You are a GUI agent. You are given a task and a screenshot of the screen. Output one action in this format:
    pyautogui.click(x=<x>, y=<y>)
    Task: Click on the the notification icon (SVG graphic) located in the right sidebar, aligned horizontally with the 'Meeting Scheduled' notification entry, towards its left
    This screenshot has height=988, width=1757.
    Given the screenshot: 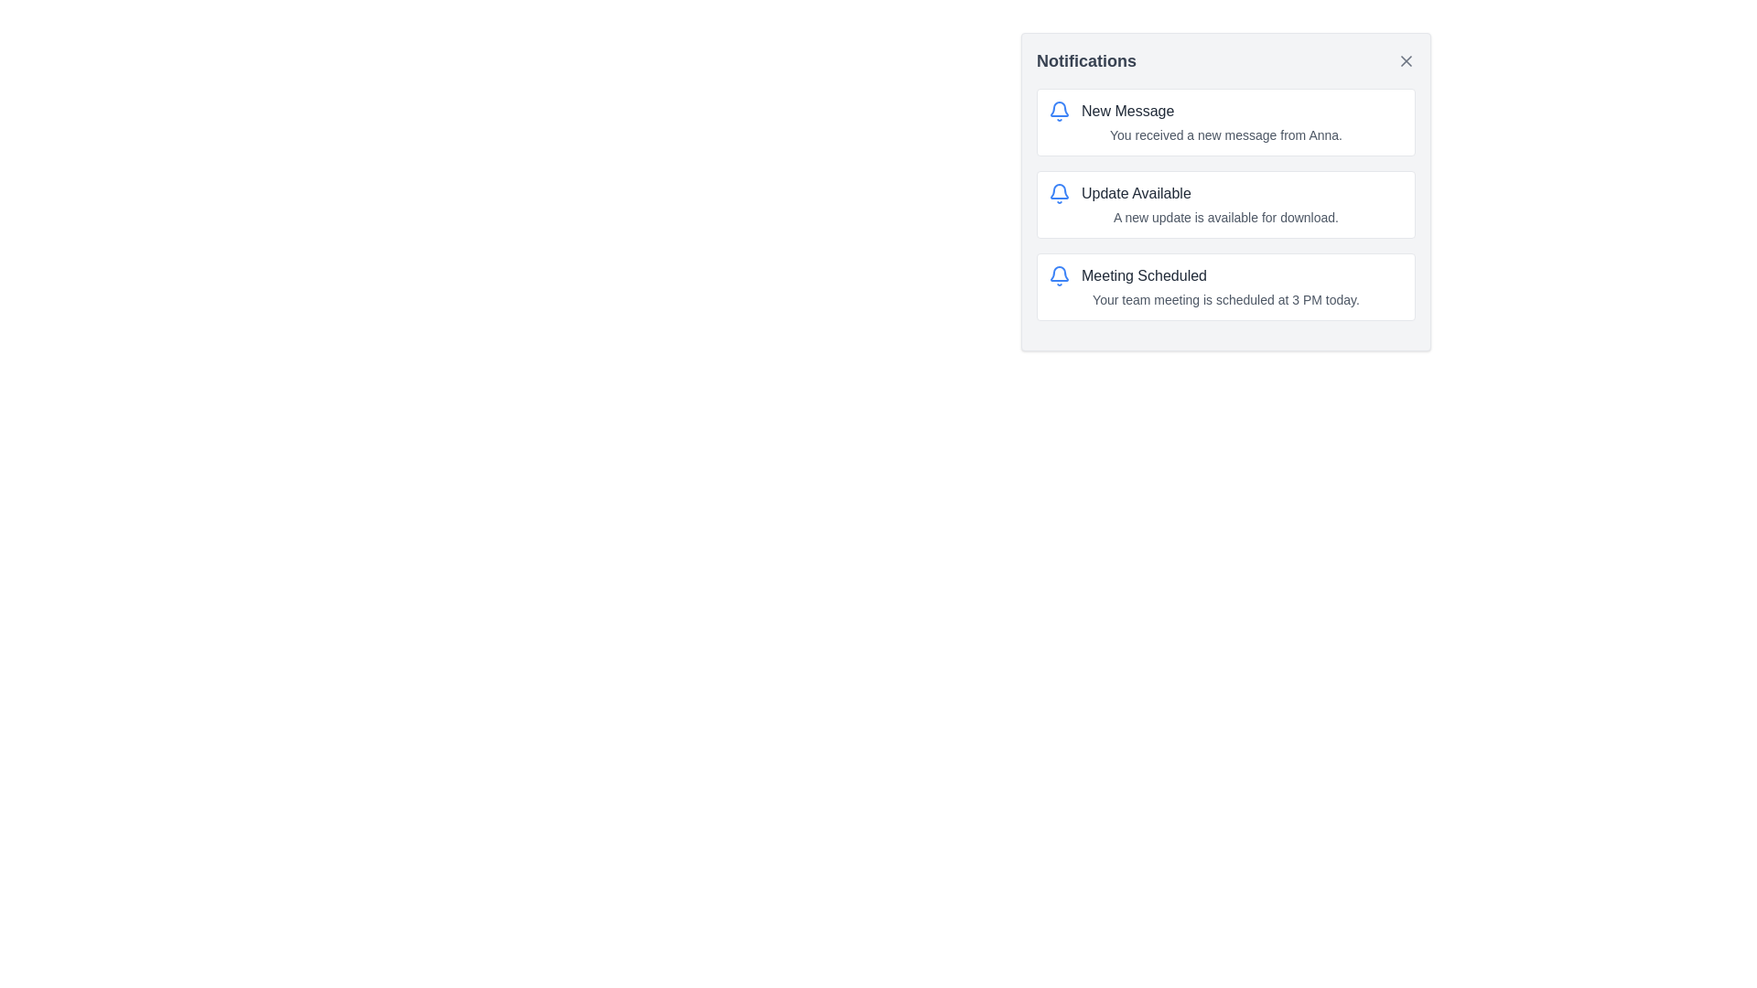 What is the action you would take?
    pyautogui.click(x=1059, y=274)
    